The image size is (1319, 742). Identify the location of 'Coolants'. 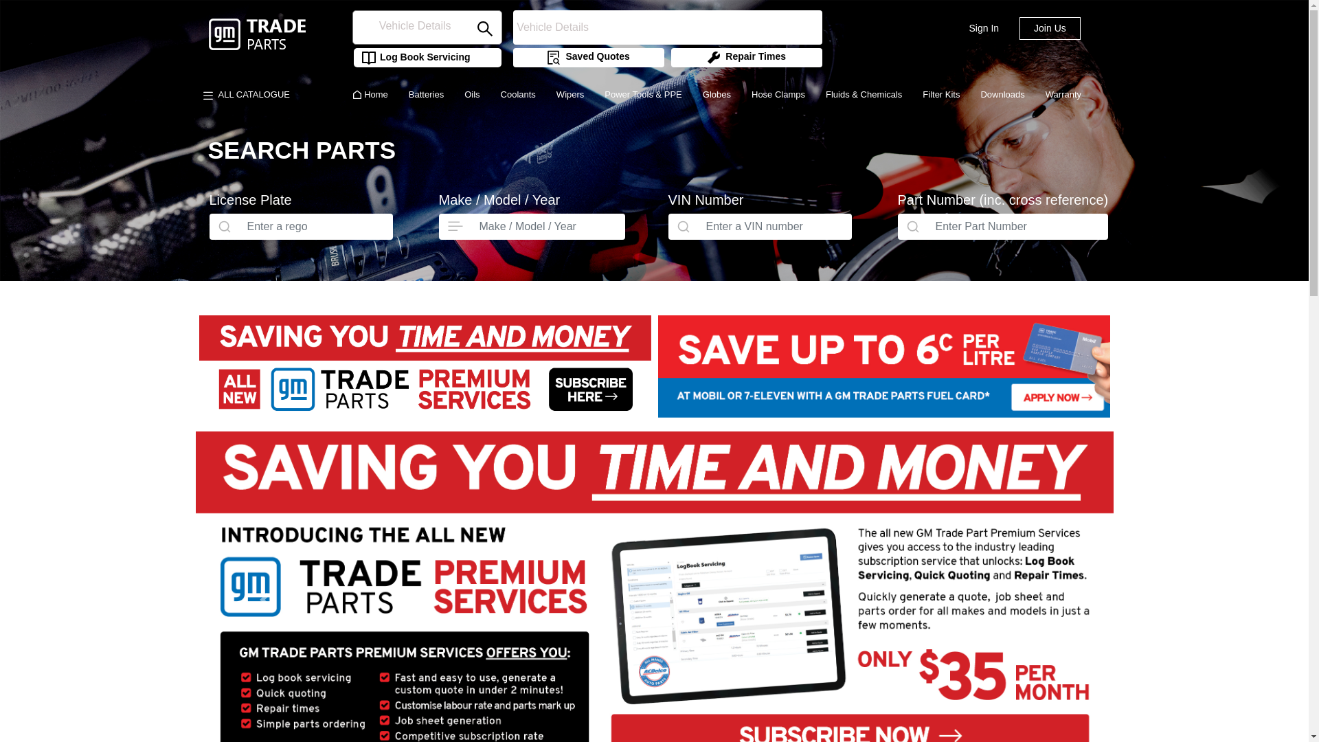
(491, 94).